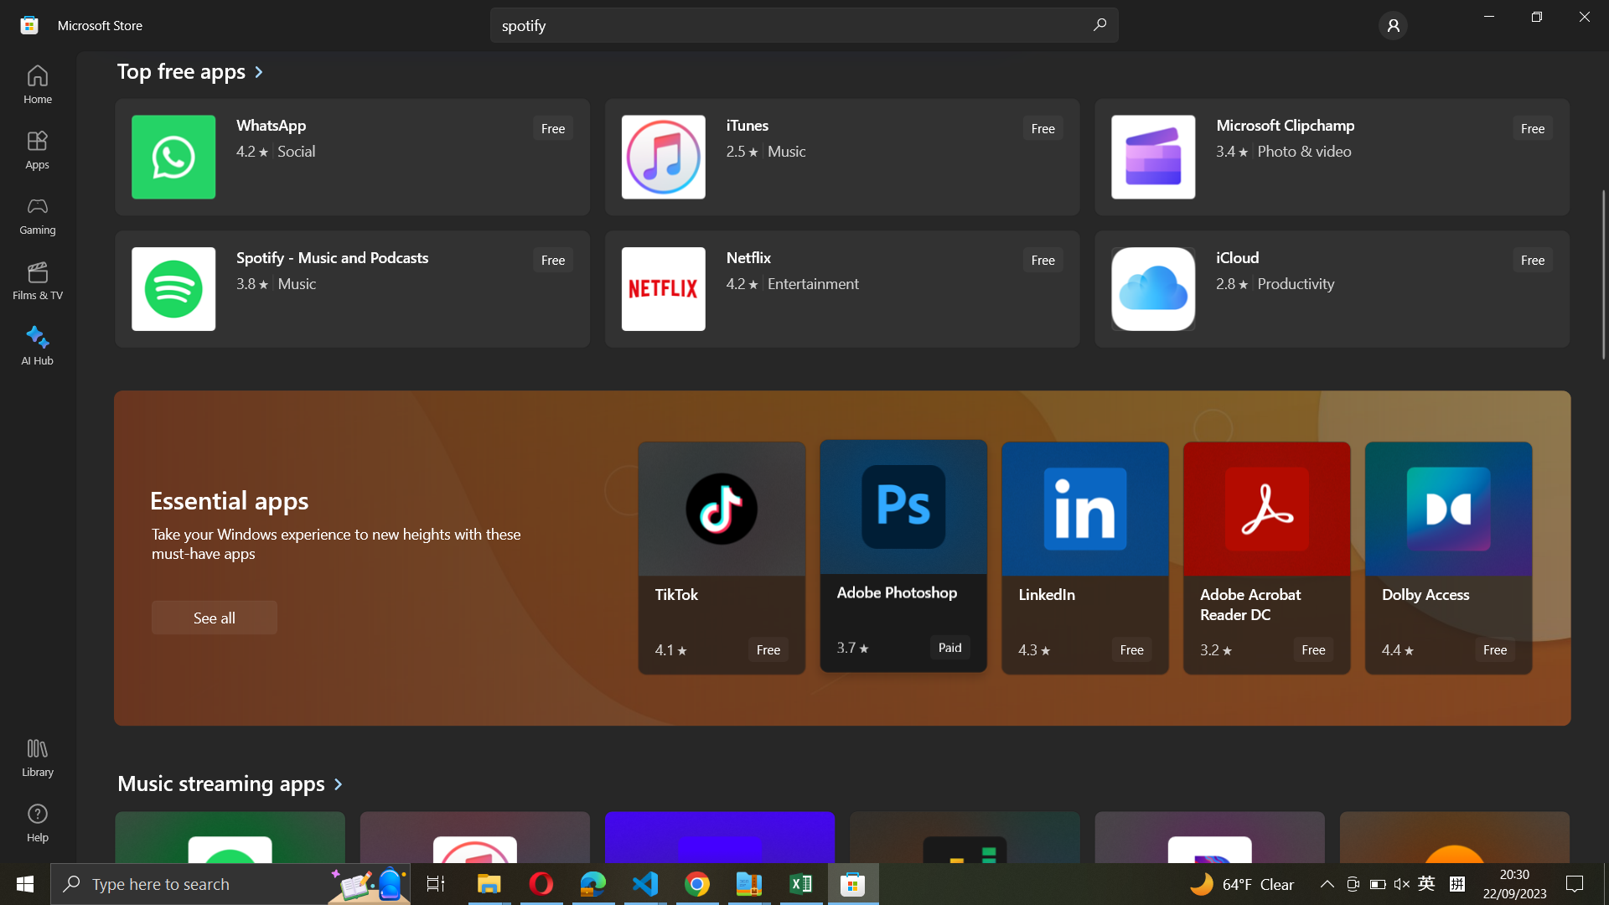 The width and height of the screenshot is (1609, 905). I want to click on Gaming Tab, so click(39, 215).